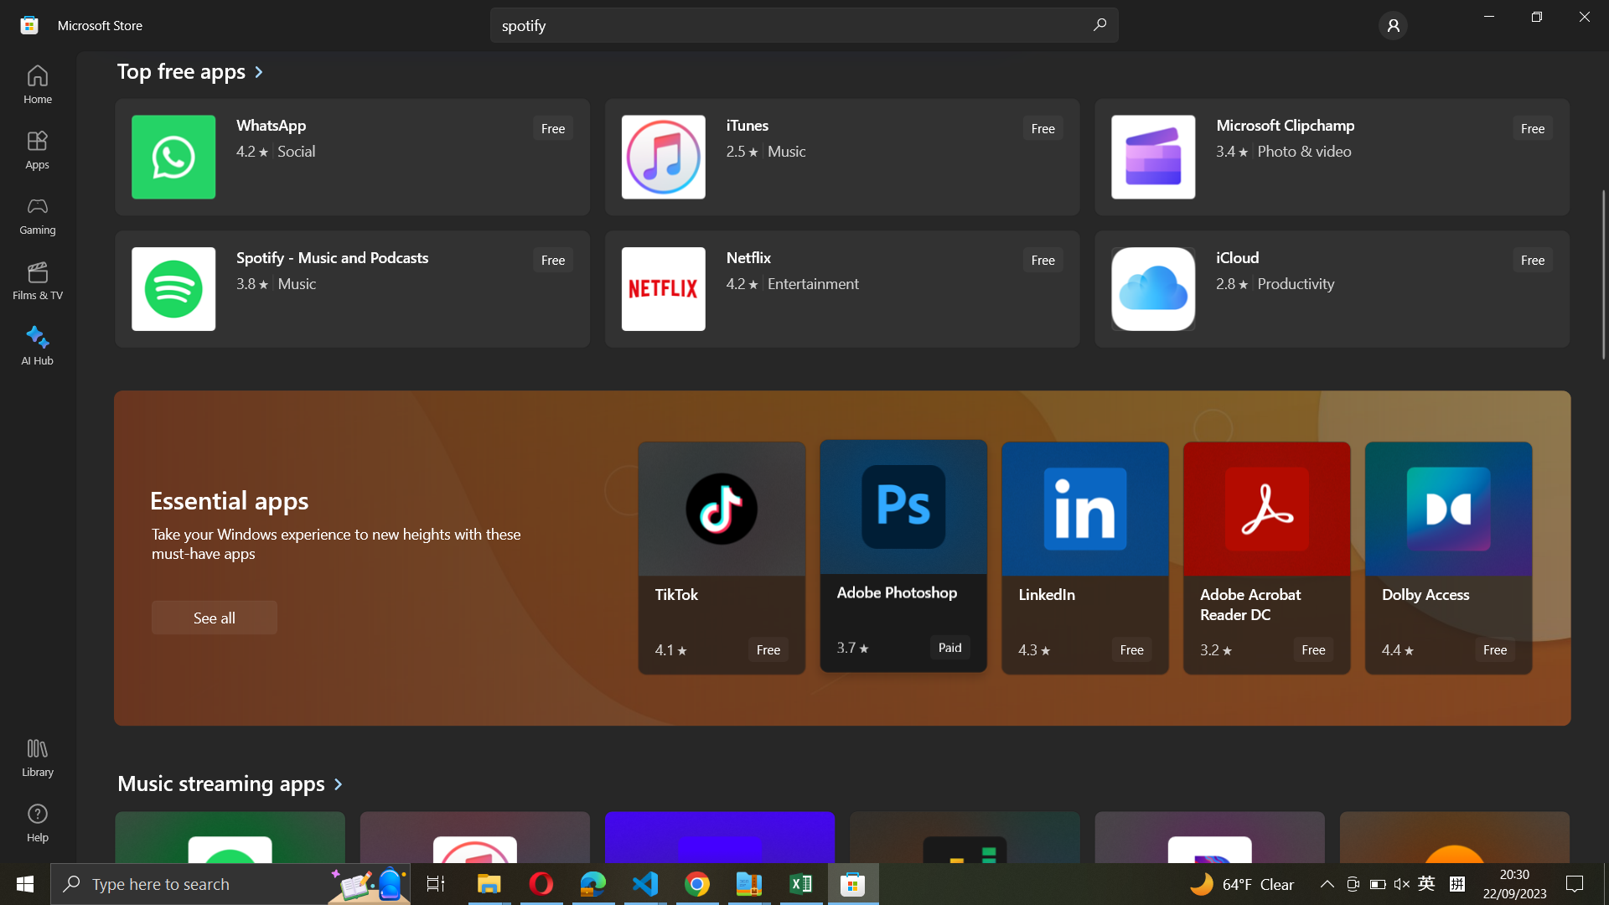 The width and height of the screenshot is (1609, 905). I want to click on Gaming Tab, so click(39, 215).